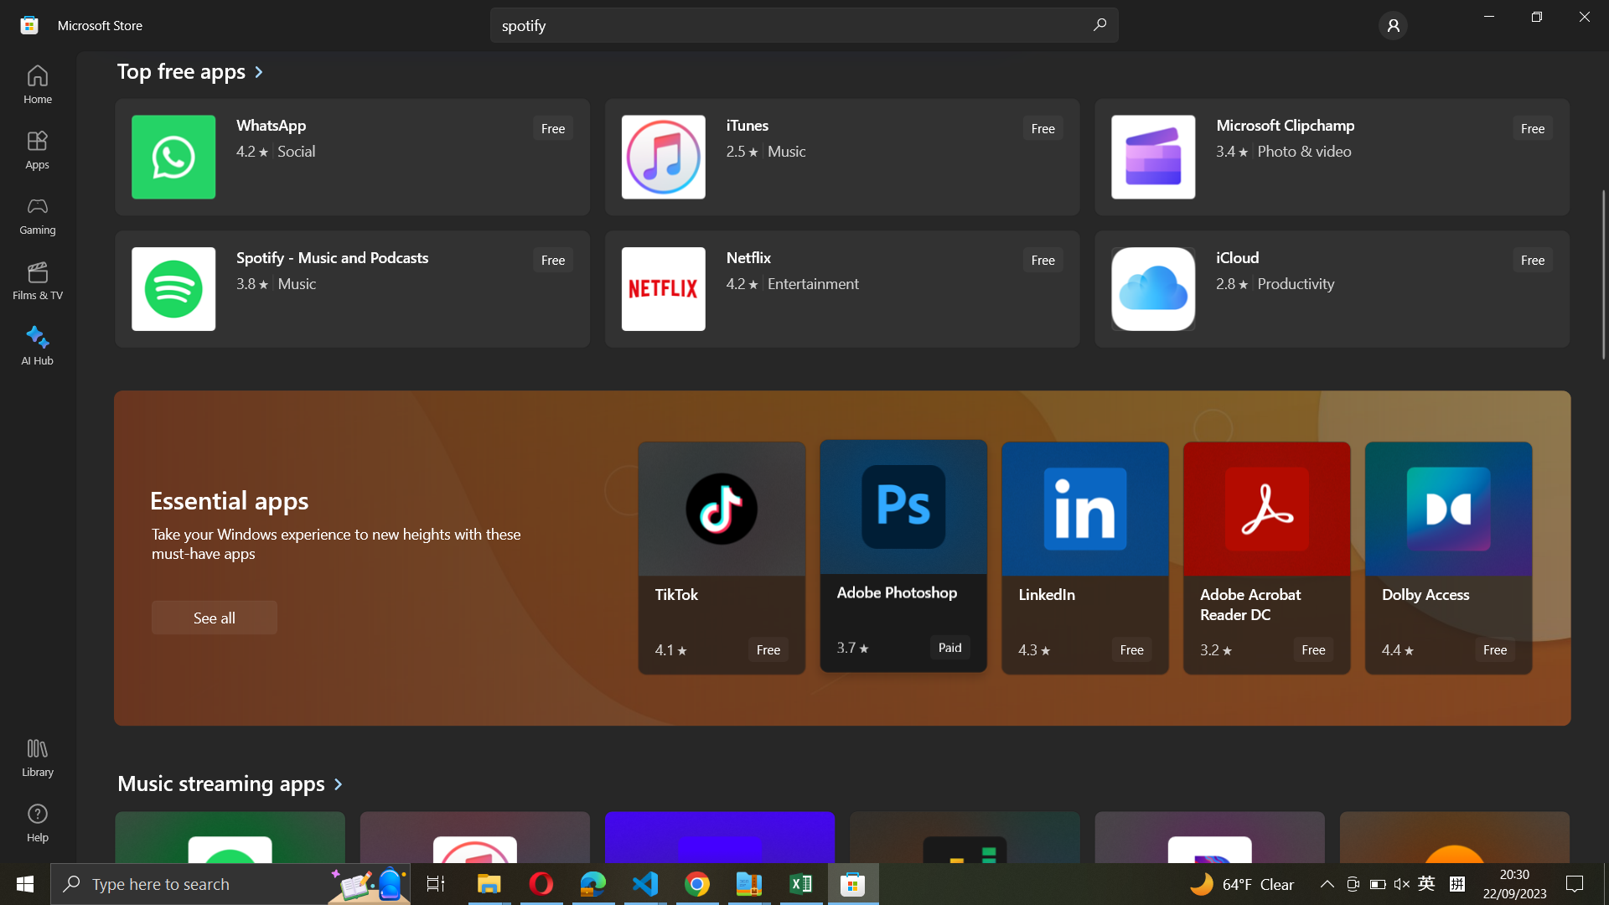 The width and height of the screenshot is (1609, 905). I want to click on Gaming Tab, so click(39, 215).